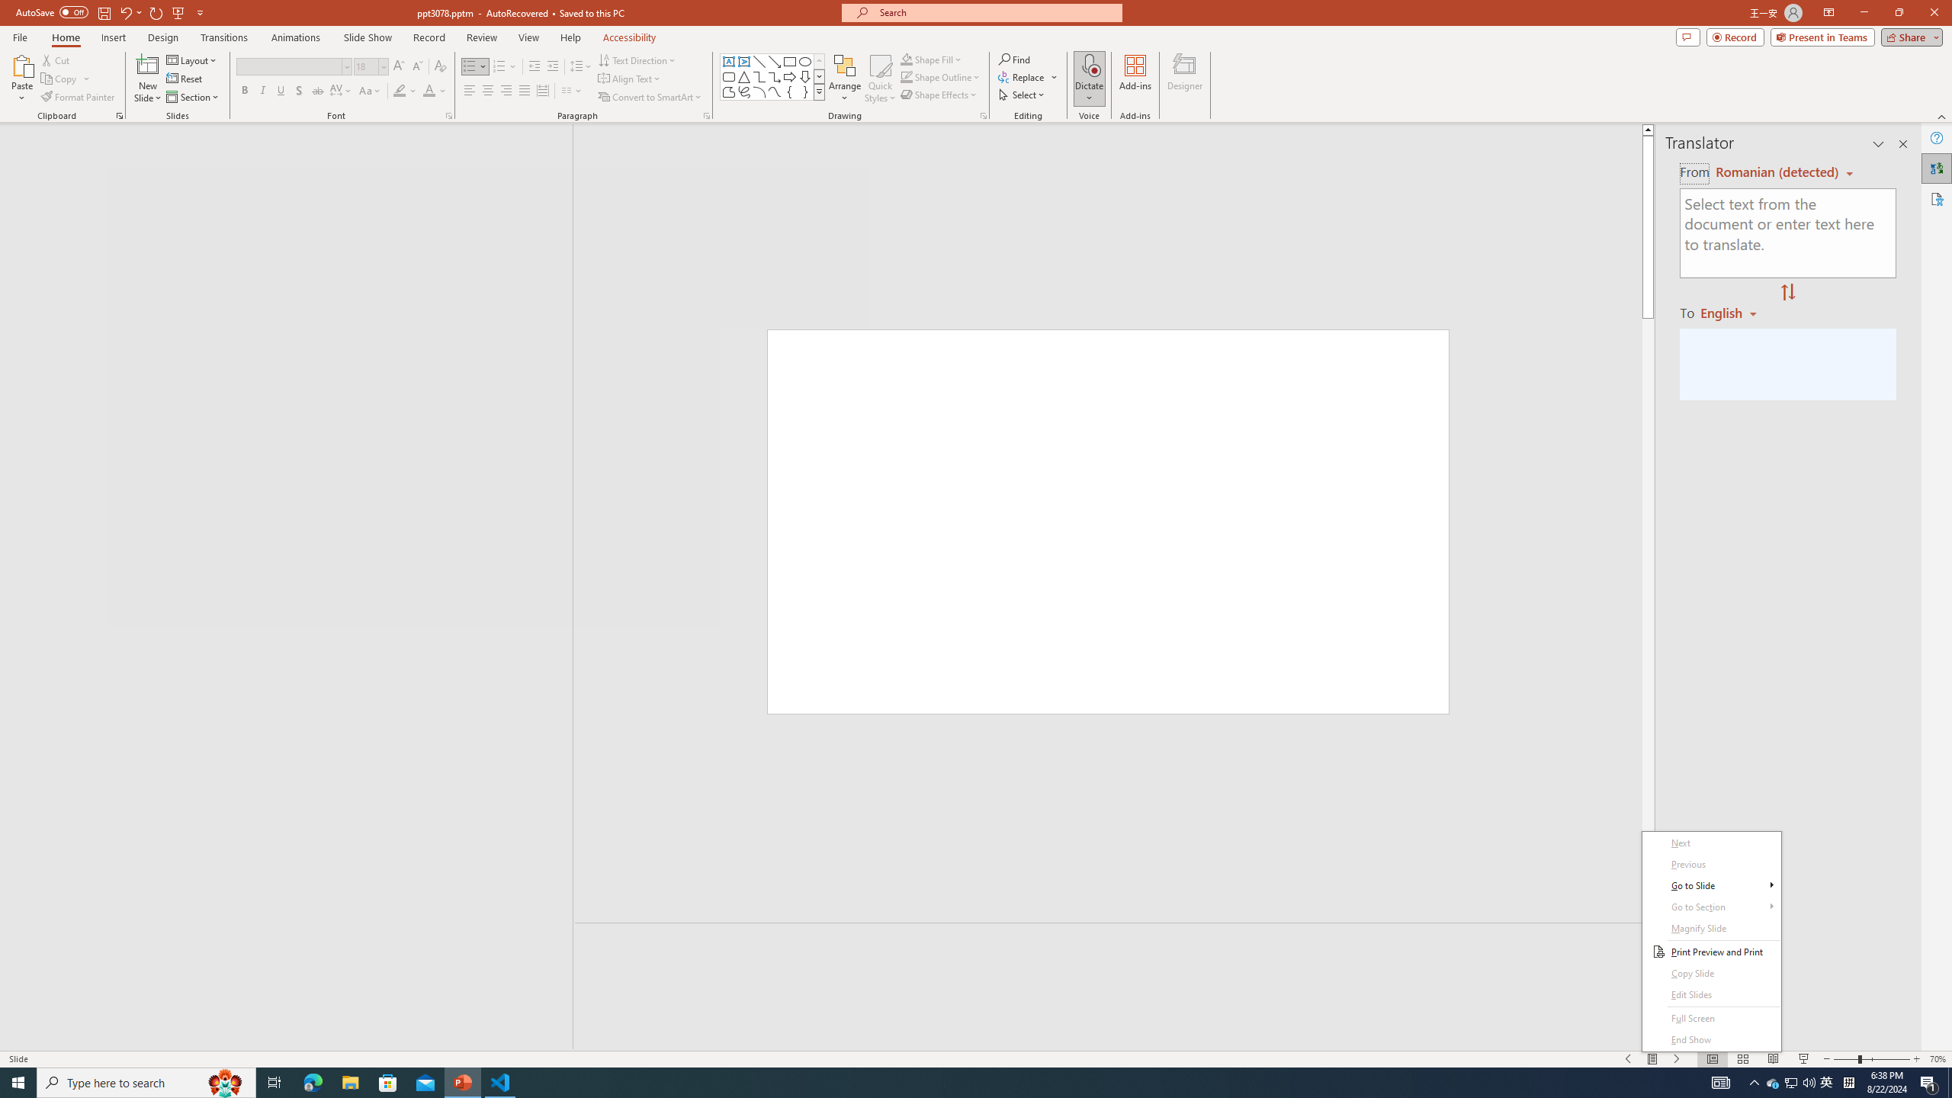  What do you see at coordinates (1712, 1019) in the screenshot?
I see `'Full Screen'` at bounding box center [1712, 1019].